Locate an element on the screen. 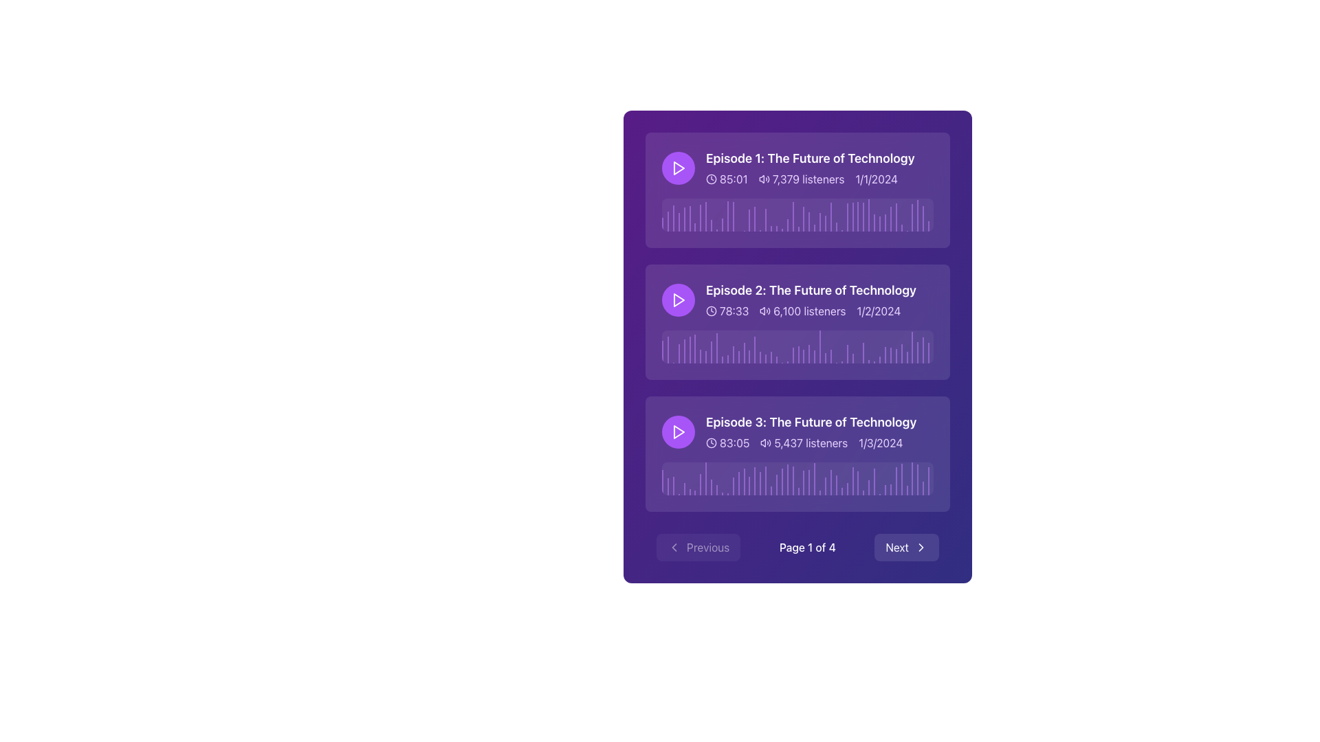 The width and height of the screenshot is (1320, 742). the 41st Waveform Bar in the graphical representation of sound waves located on the topmost row of the list is located at coordinates (880, 223).